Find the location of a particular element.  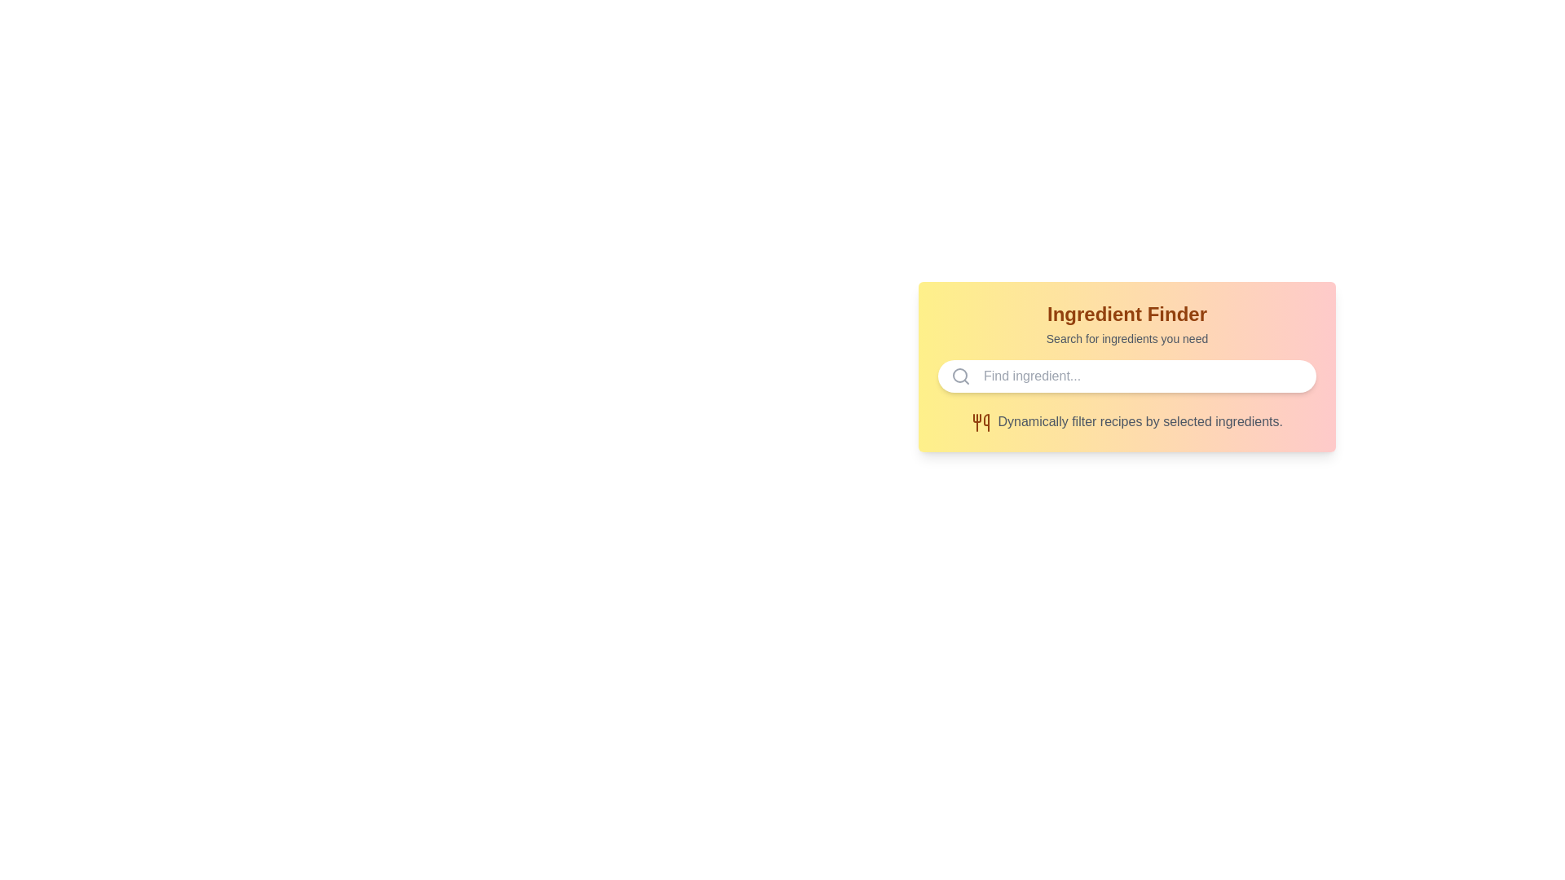

the circular outline symbol styled as a search lens, which is part of the search icon located to the left of the 'Find ingredient...' text input field is located at coordinates (959, 376).